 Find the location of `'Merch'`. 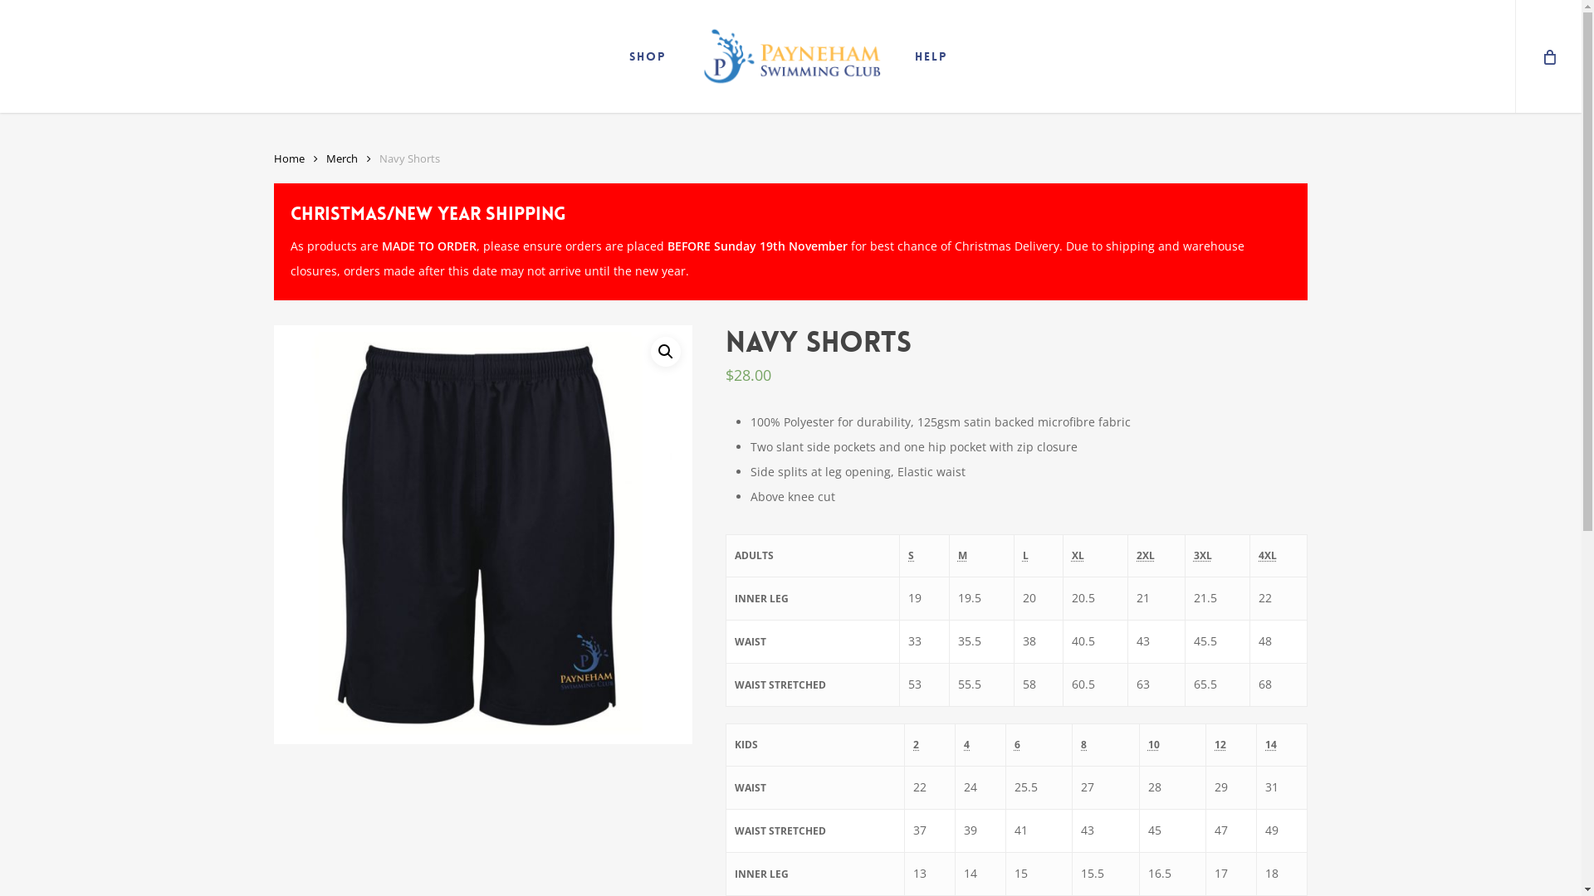

'Merch' is located at coordinates (341, 158).